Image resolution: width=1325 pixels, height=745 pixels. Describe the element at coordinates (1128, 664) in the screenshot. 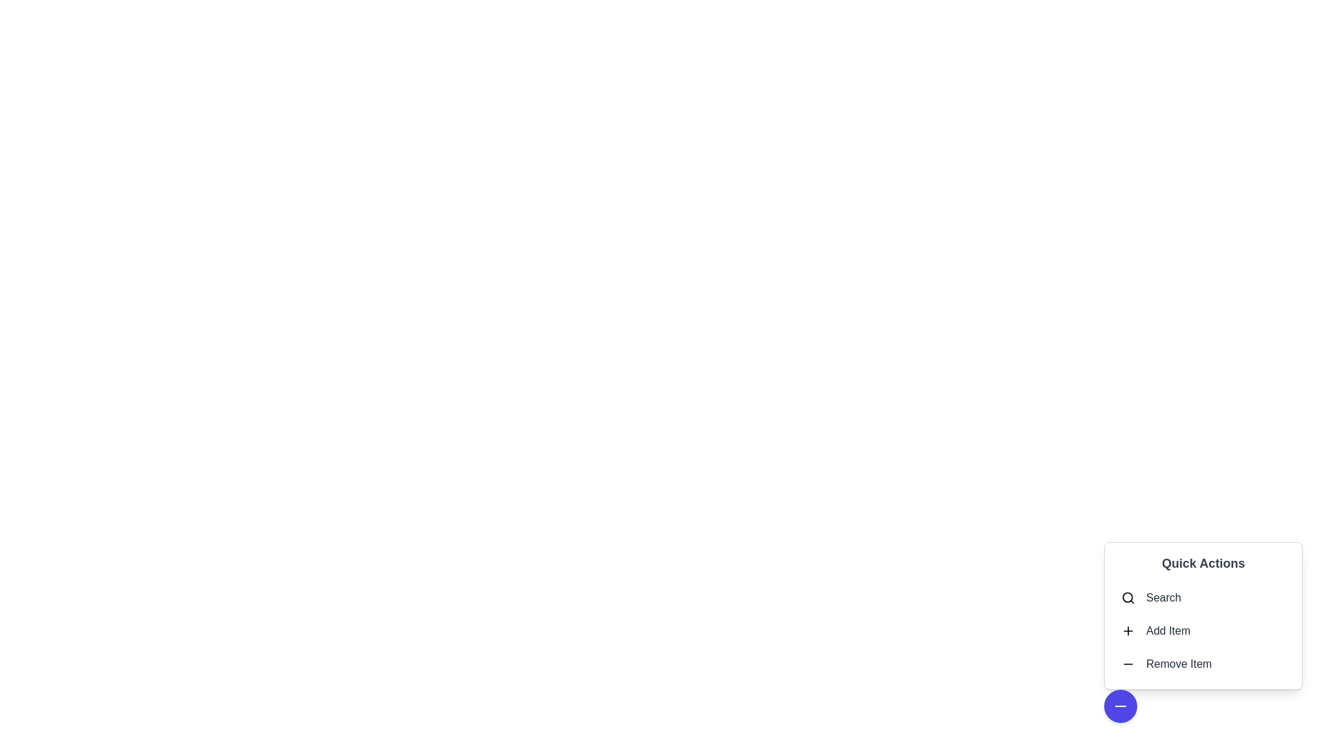

I see `the 'Remove Item' button located in the 'Quick Actions' menu` at that location.